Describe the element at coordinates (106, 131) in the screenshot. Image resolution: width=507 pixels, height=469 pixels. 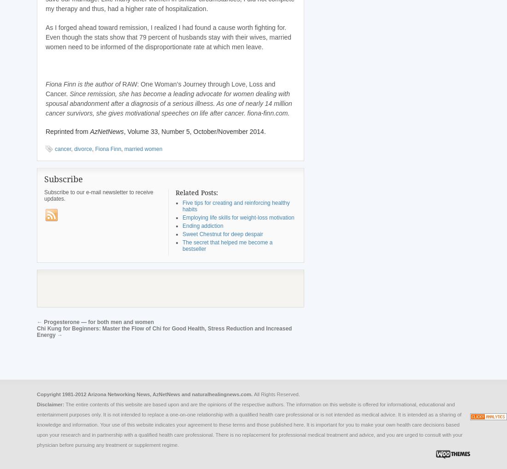
I see `'AzNetNews'` at that location.